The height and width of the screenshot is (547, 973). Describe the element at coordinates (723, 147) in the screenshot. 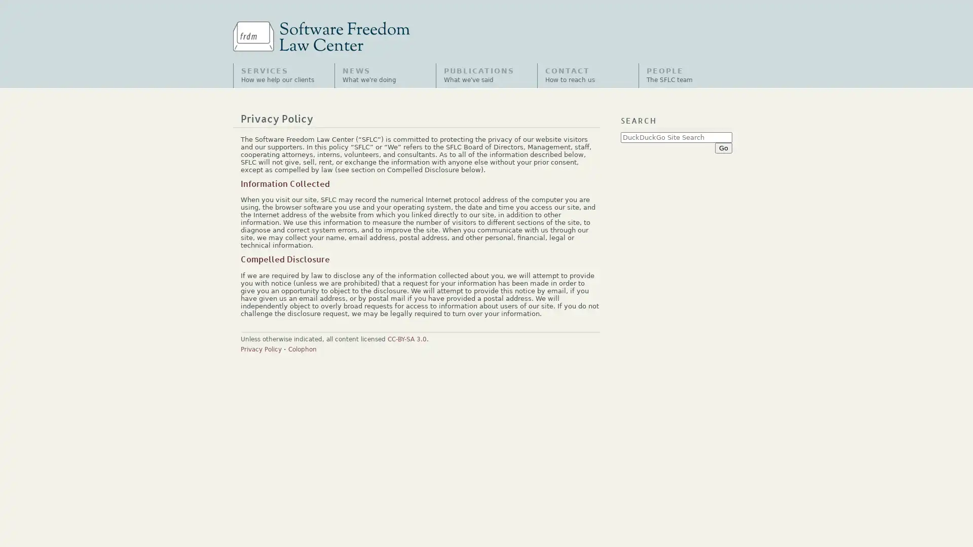

I see `Go` at that location.